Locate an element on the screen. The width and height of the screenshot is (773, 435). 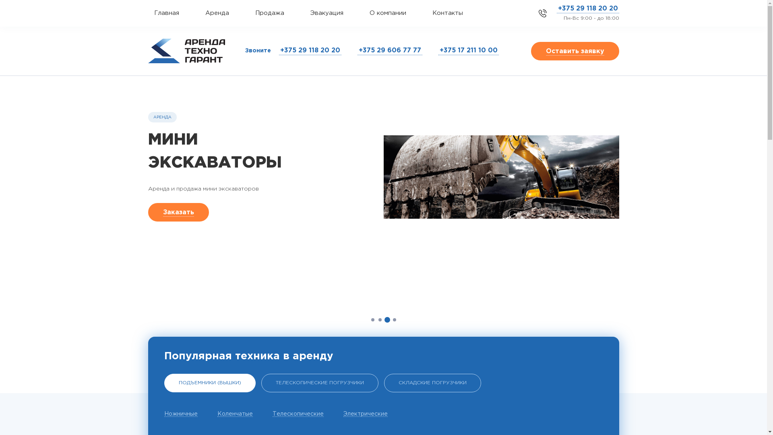
'3' is located at coordinates (387, 319).